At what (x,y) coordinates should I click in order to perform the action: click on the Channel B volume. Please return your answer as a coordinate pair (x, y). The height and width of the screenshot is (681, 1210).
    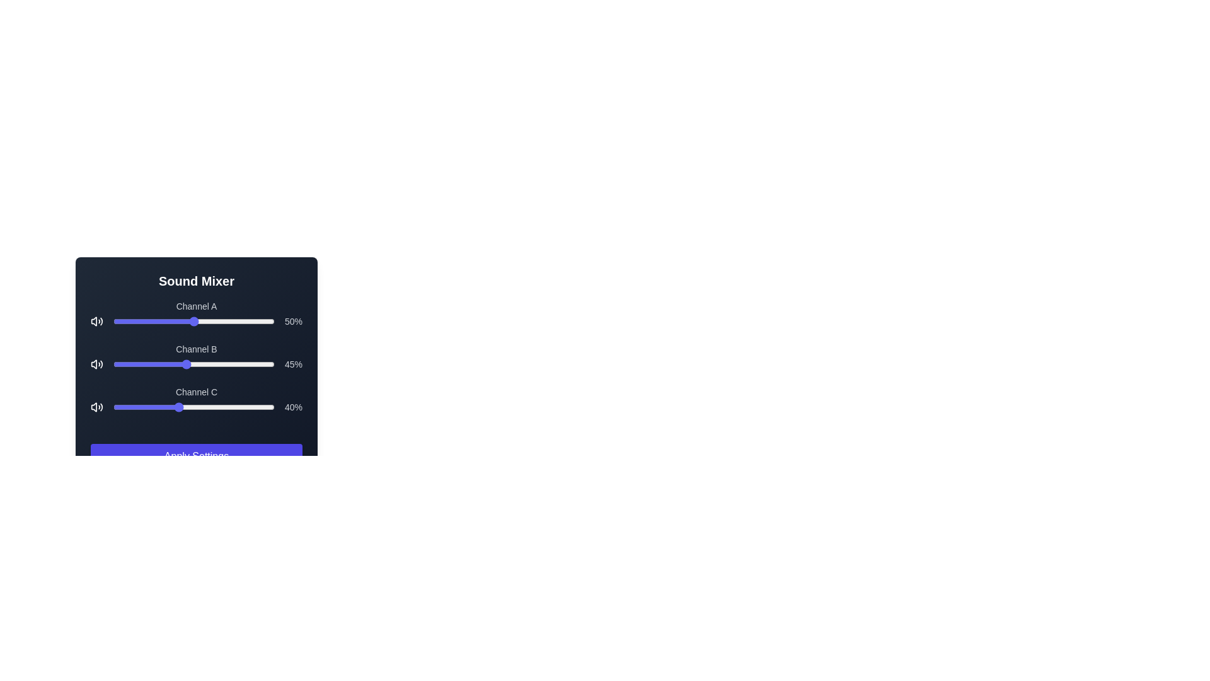
    Looking at the image, I should click on (120, 364).